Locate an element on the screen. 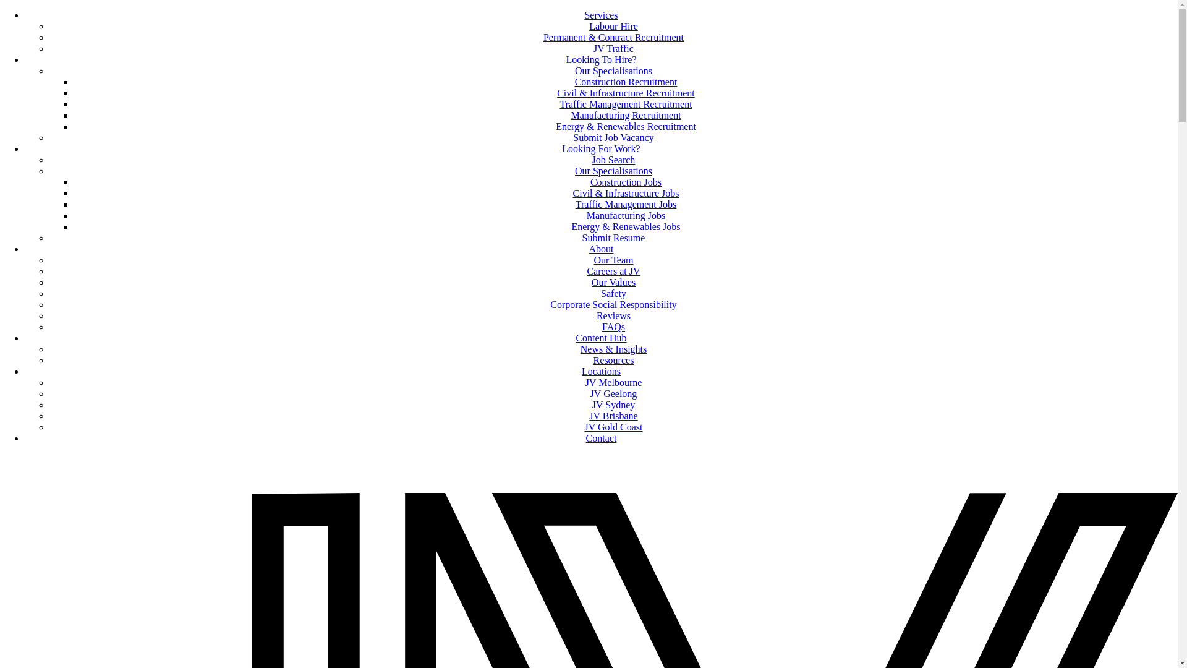 This screenshot has width=1187, height=668. 'Civil & Infrastructure Recruitment' is located at coordinates (626, 92).